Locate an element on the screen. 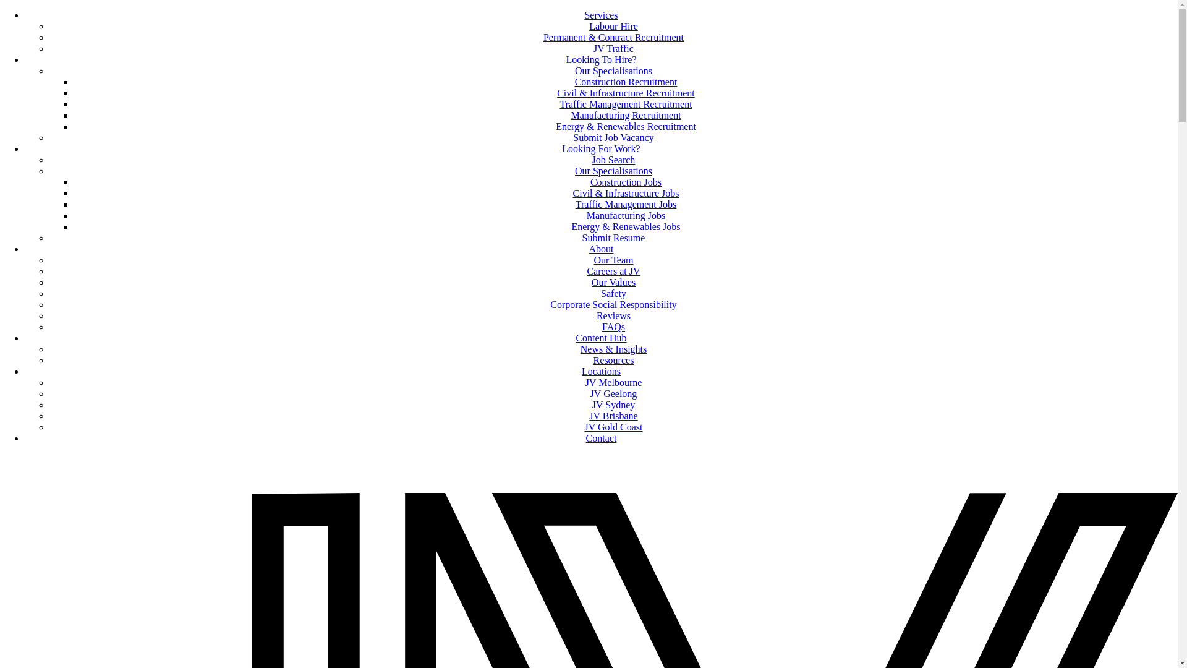 This screenshot has width=1187, height=668. 'Civil & Infrastructure Recruitment' is located at coordinates (626, 92).